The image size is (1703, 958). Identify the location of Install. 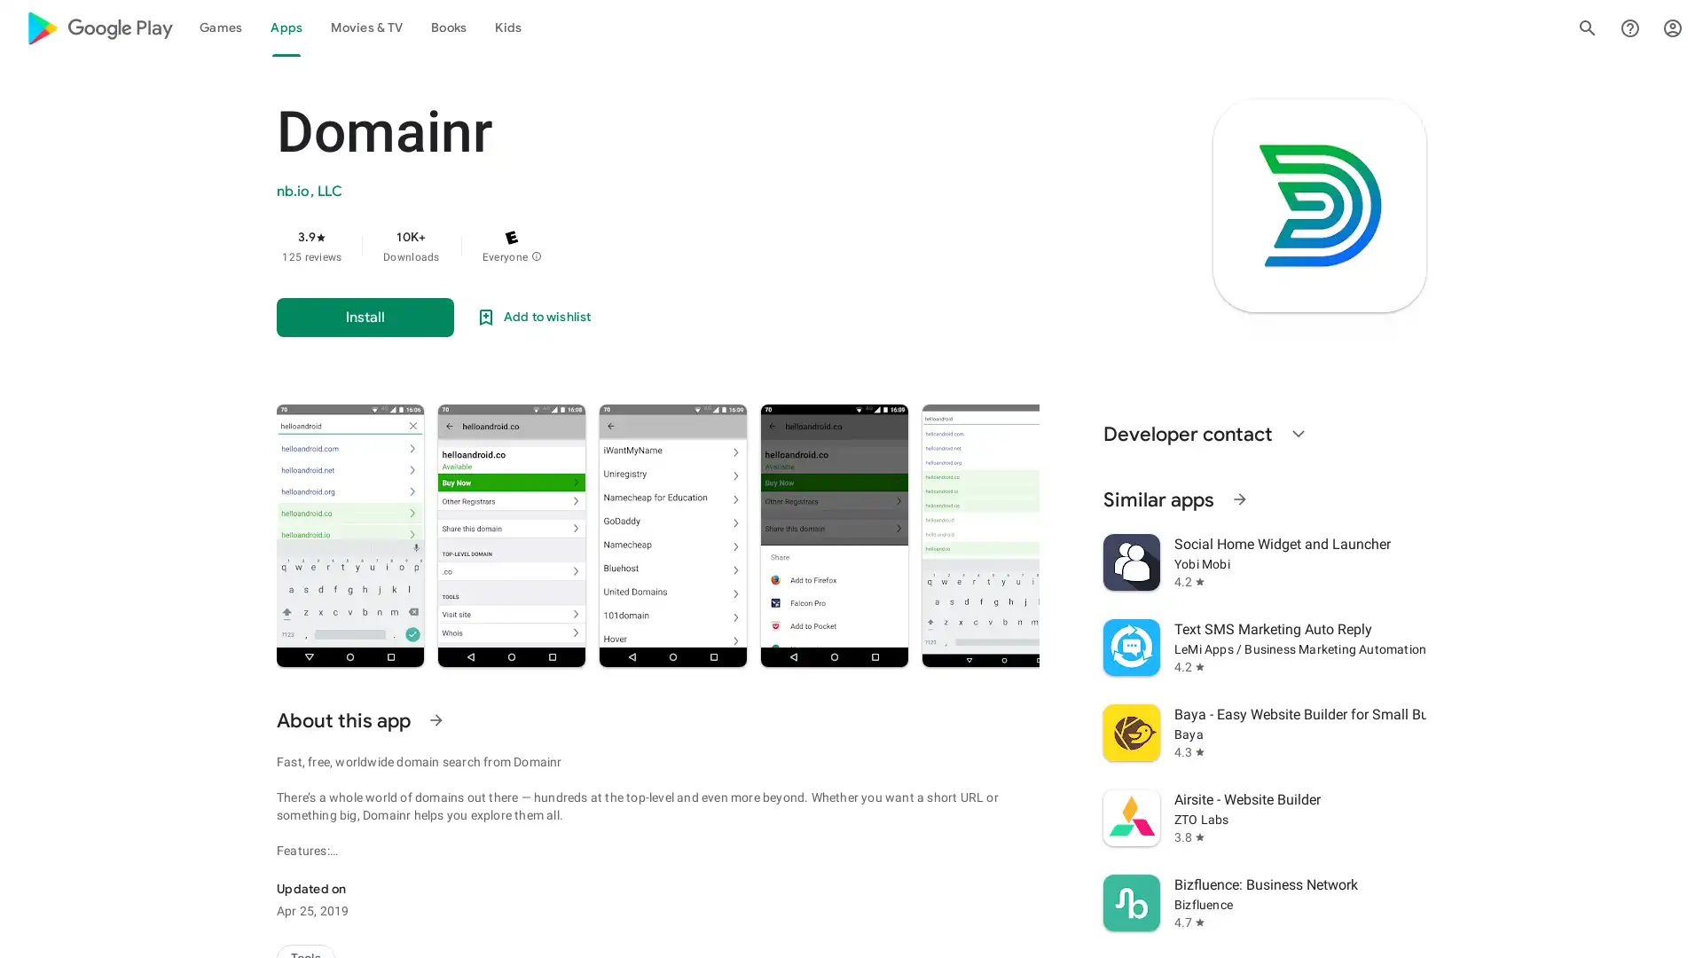
(365, 317).